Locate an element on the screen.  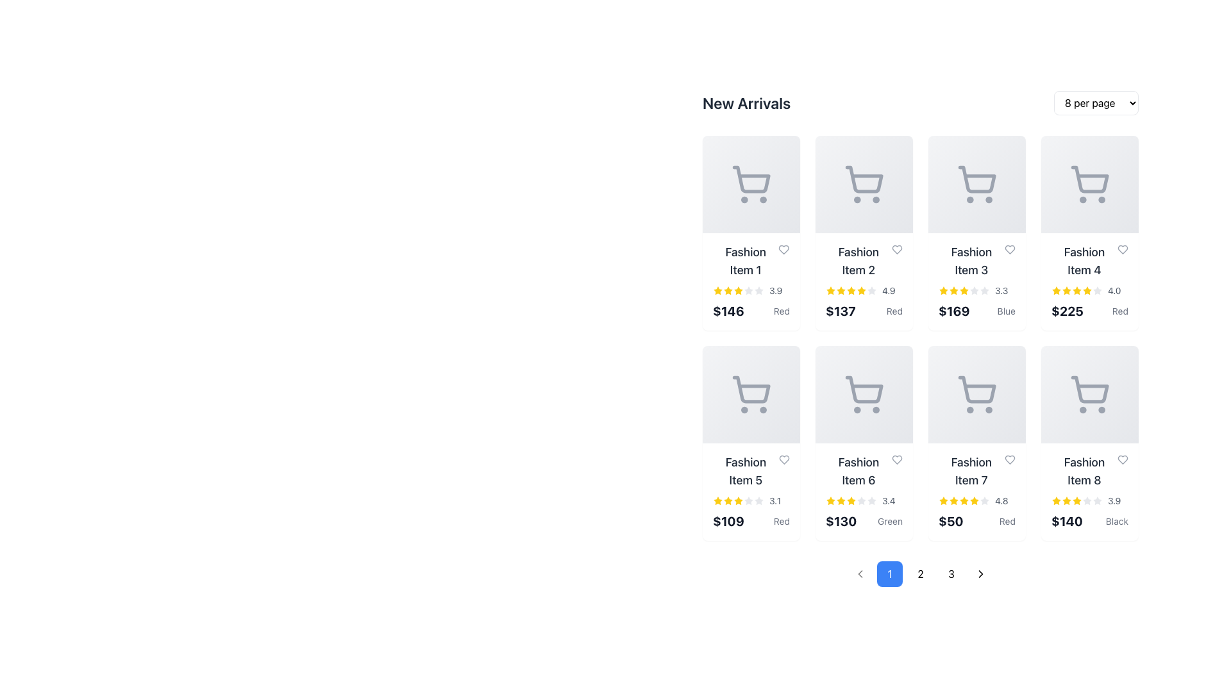
the yellow star icon that represents a filled star, located beneath 'Fashion Item 4' as the fifth star in the second row of the product grid is located at coordinates (1086, 291).